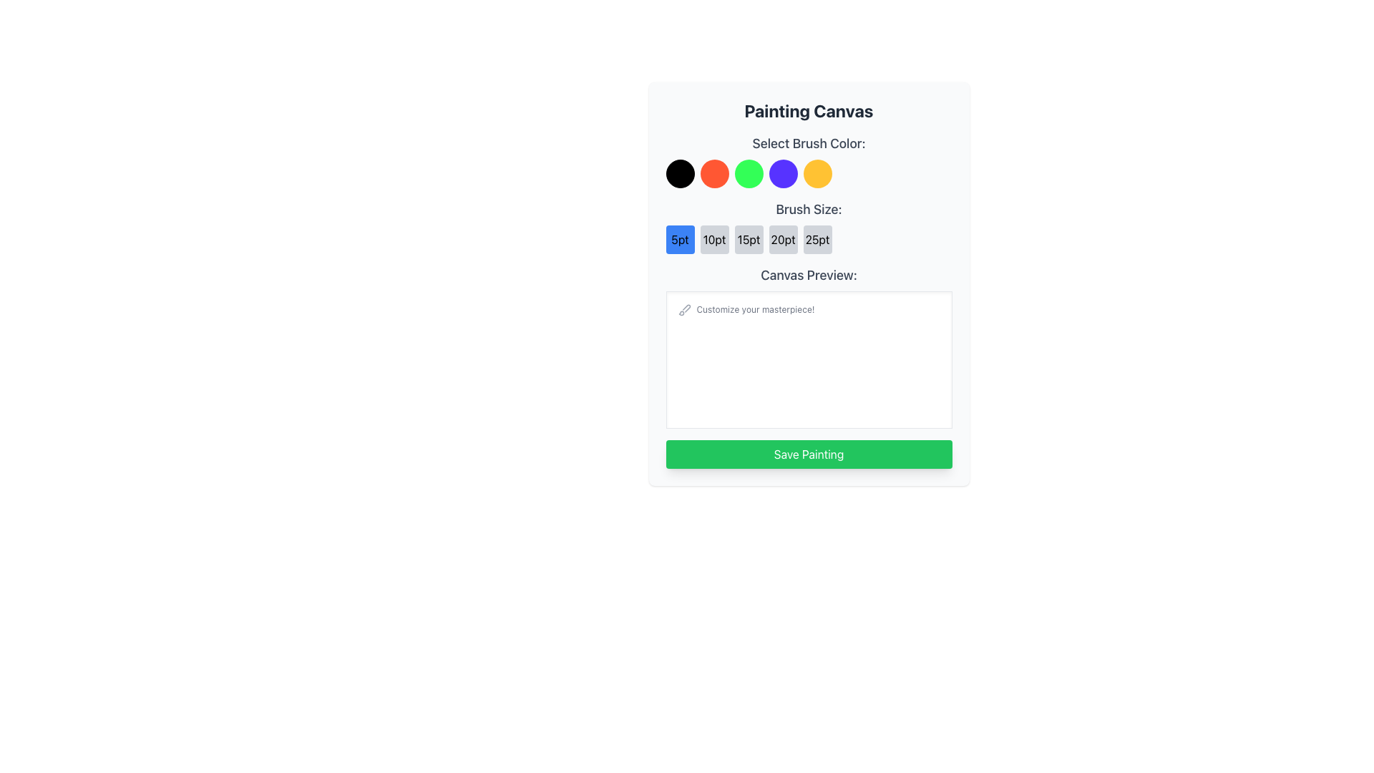 This screenshot has width=1374, height=773. I want to click on the second button in the row of five, which has a light gray background and displays '10pt', so click(714, 239).